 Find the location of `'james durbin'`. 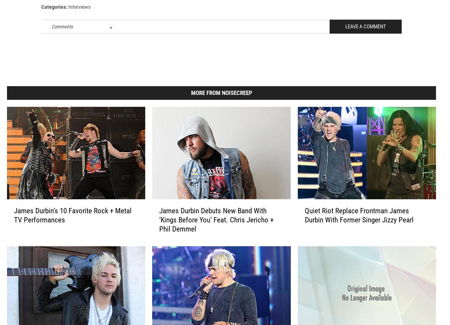

'james durbin' is located at coordinates (83, 6).